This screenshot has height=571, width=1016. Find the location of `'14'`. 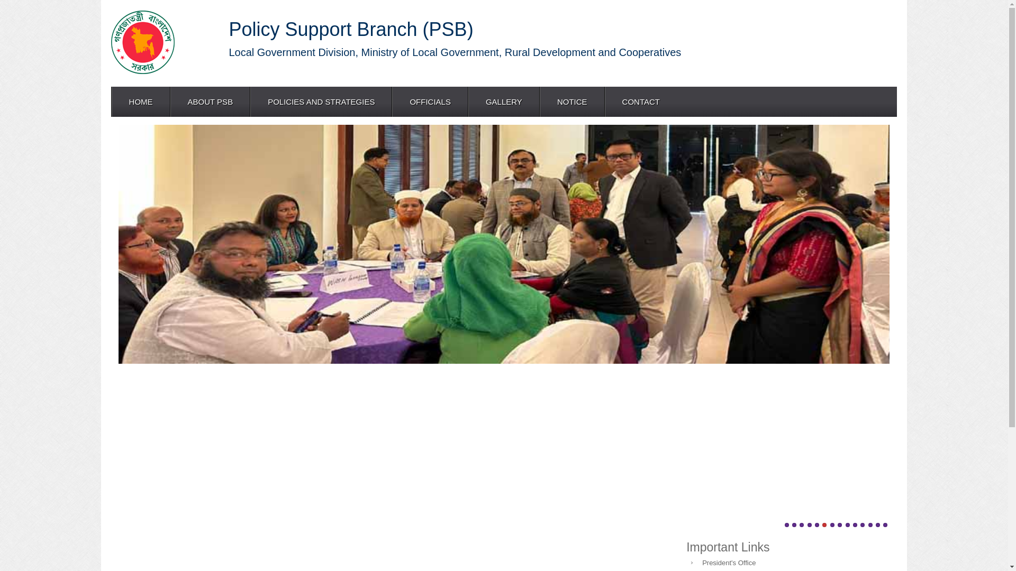

'14' is located at coordinates (885, 524).